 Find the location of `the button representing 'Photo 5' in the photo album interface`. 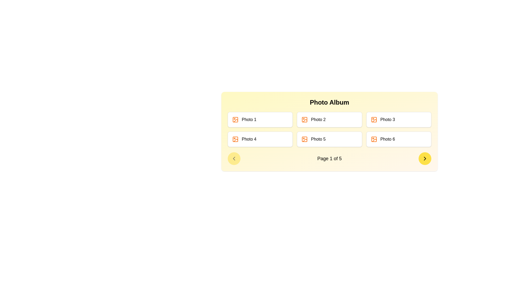

the button representing 'Photo 5' in the photo album interface is located at coordinates (329, 139).